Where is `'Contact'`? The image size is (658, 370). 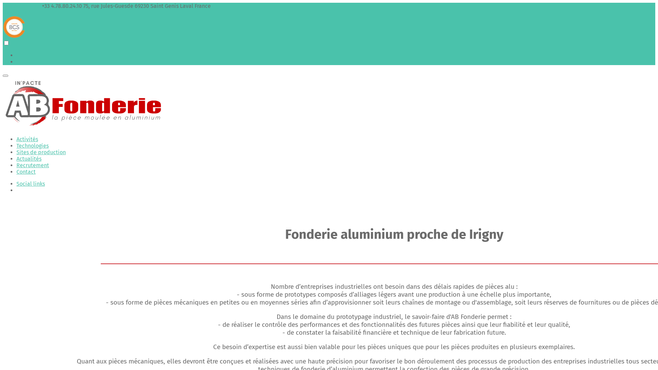
'Contact' is located at coordinates (26, 171).